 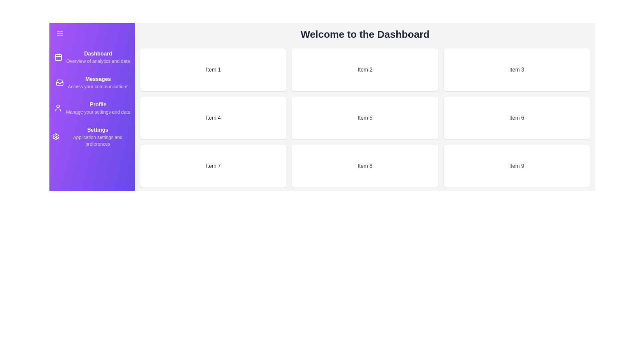 I want to click on the 'Profile' navigation item in the drawer, so click(x=91, y=108).